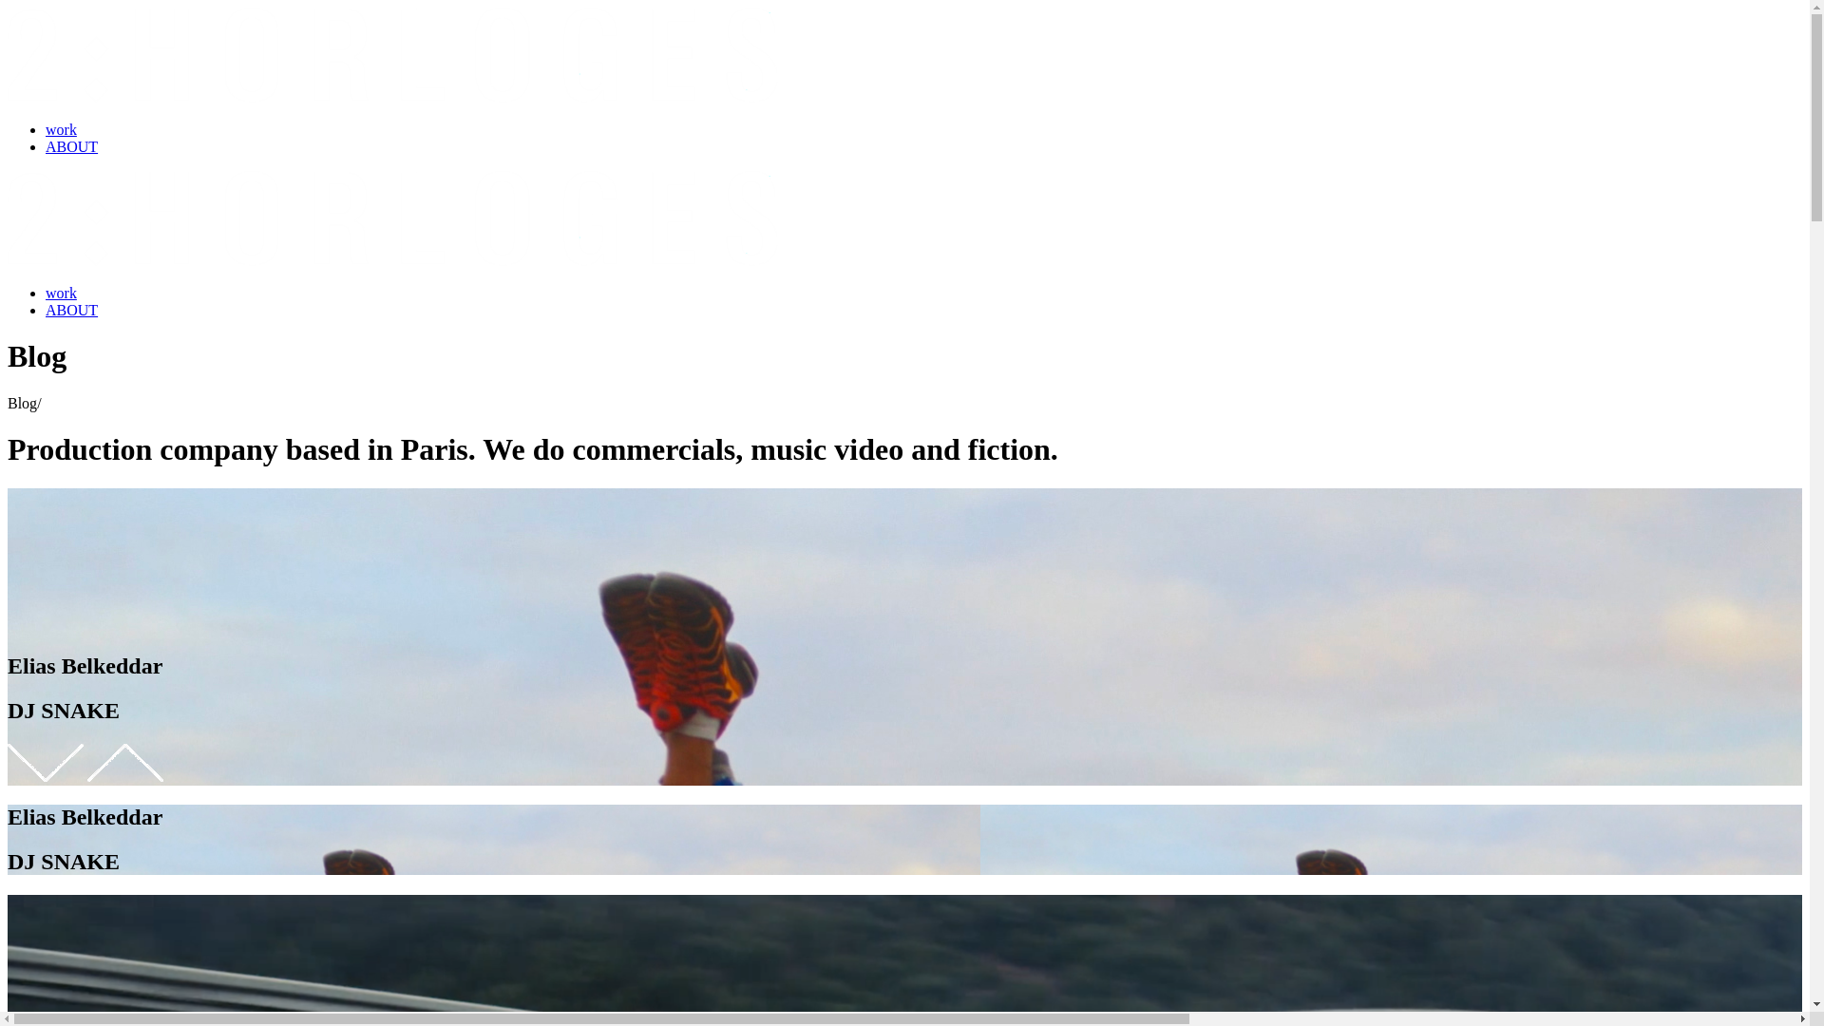 The height and width of the screenshot is (1026, 1824). Describe the element at coordinates (71, 145) in the screenshot. I see `'ABOUT'` at that location.